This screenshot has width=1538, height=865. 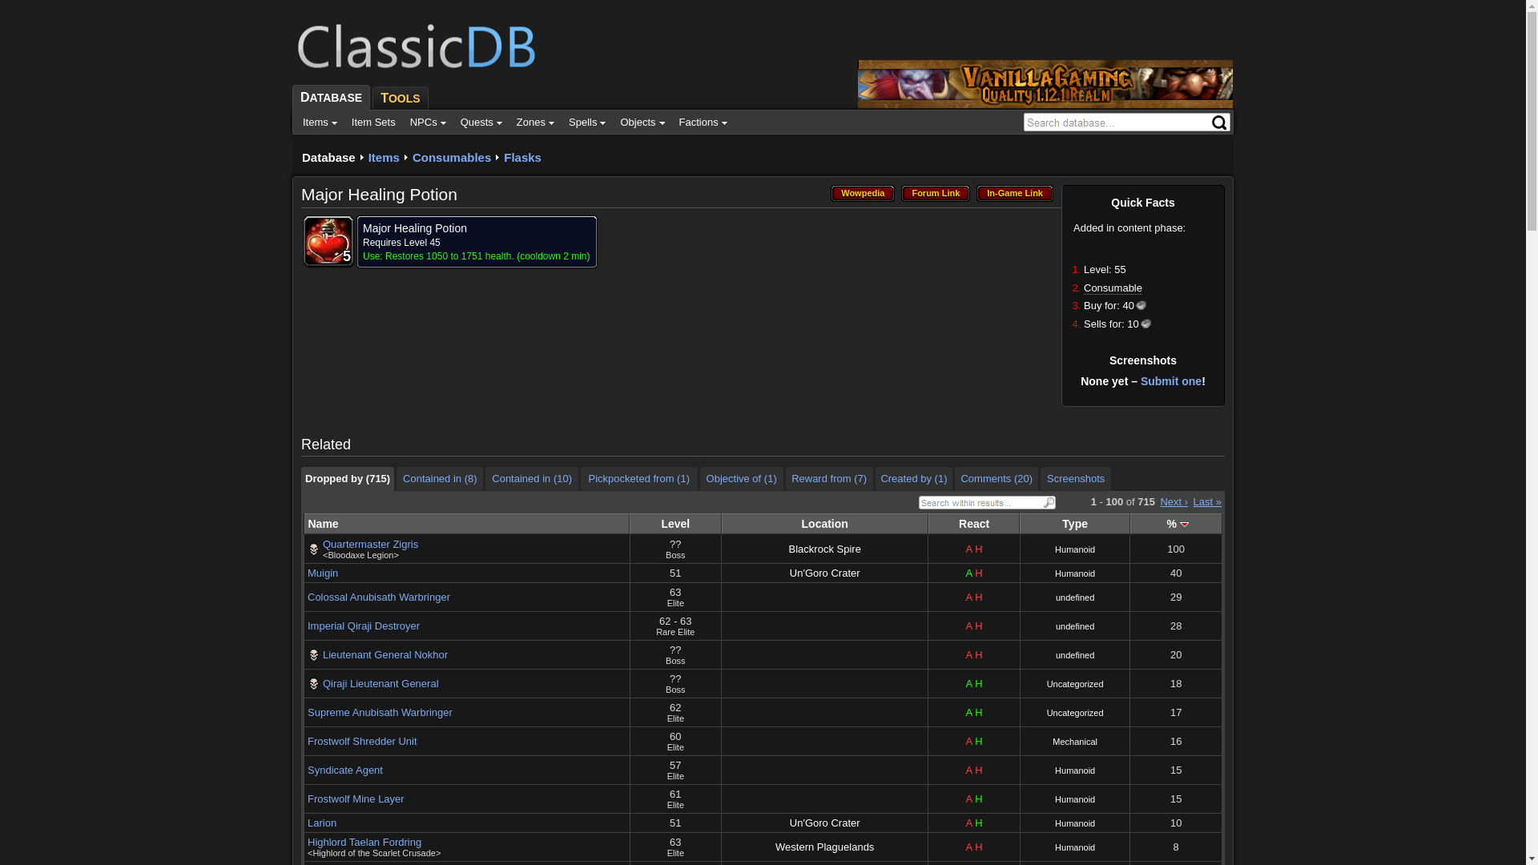 I want to click on 'Quests', so click(x=453, y=121).